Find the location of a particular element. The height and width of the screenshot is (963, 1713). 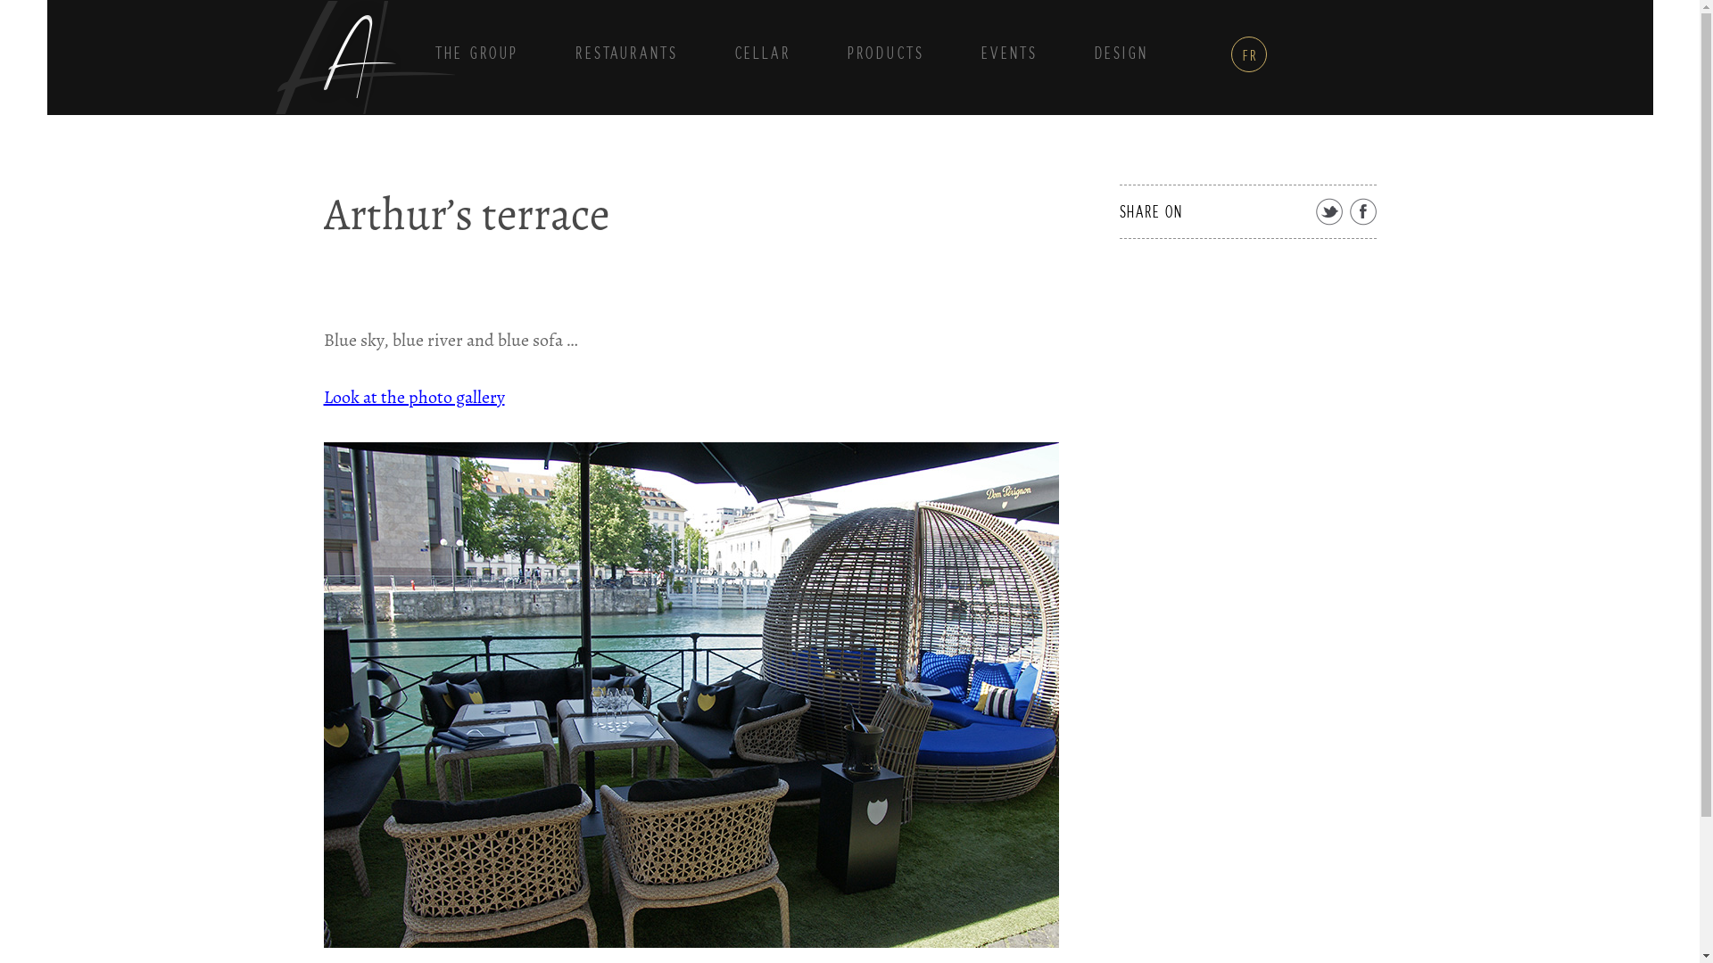

'THE GROUP' is located at coordinates (476, 53).